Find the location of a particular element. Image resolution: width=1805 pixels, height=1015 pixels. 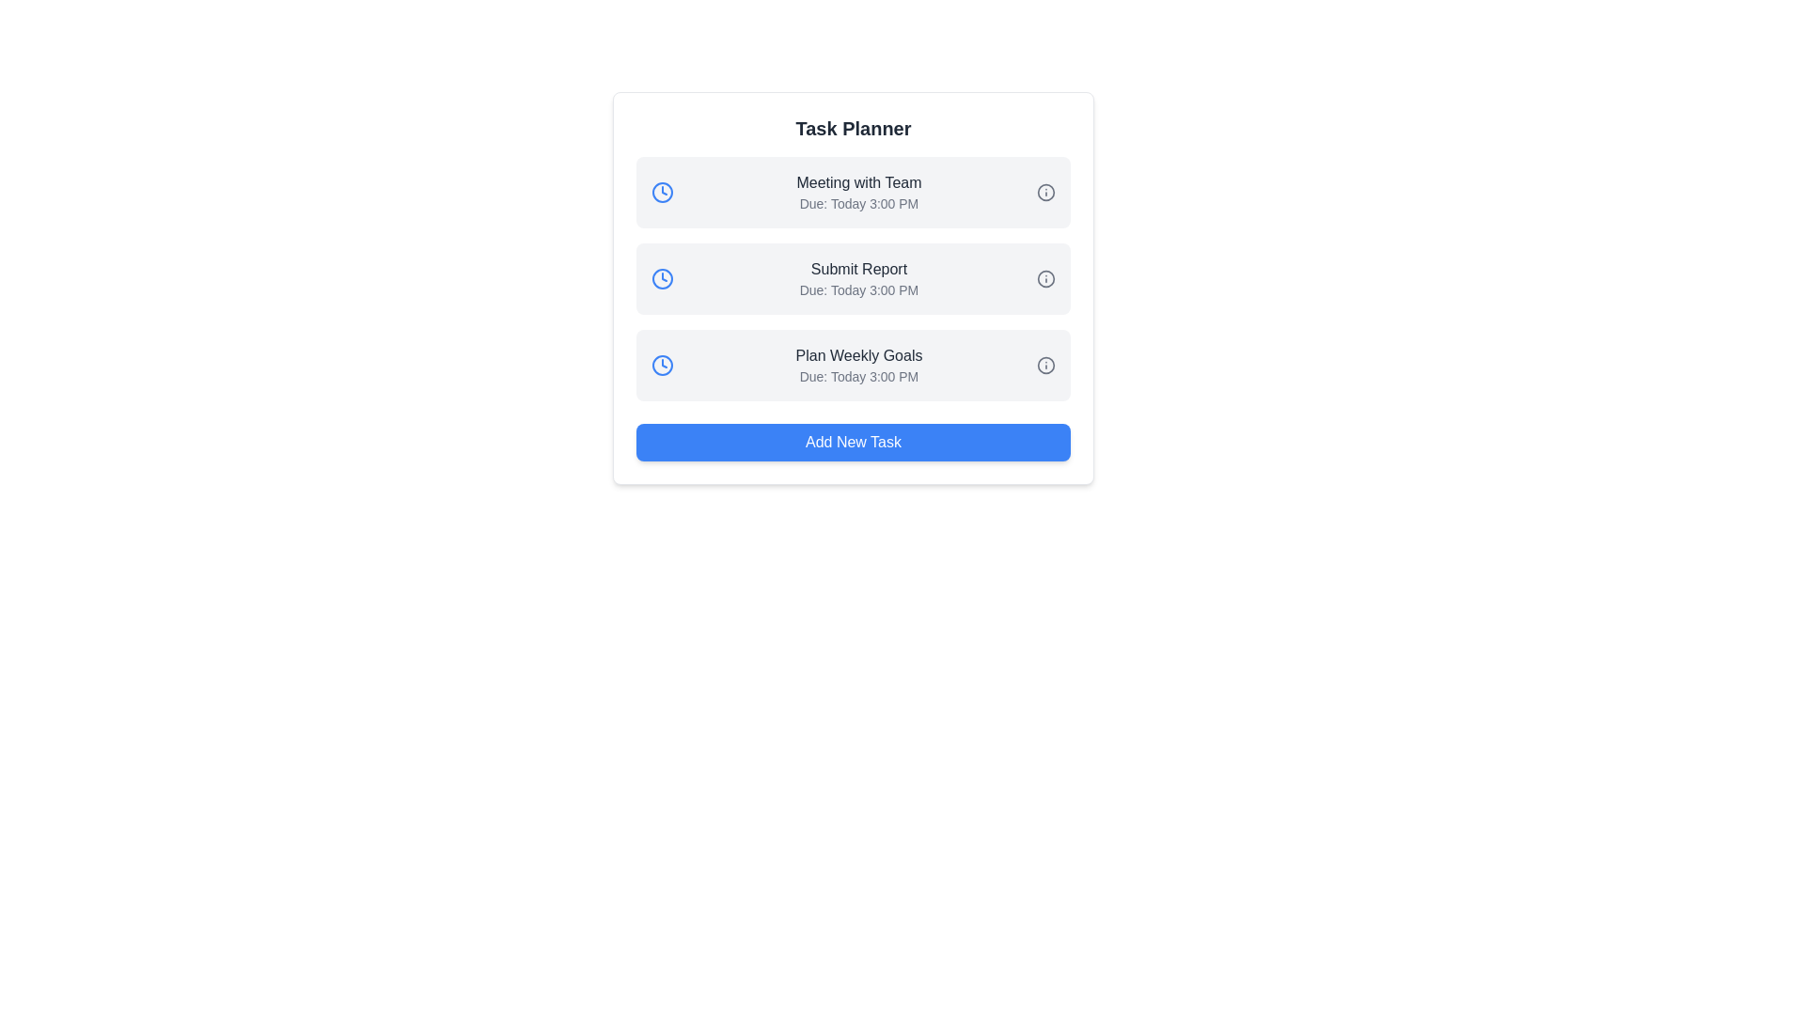

the 'Add New Task' button located at the bottom of the task panel to initiate the addition of a new task is located at coordinates (852, 442).